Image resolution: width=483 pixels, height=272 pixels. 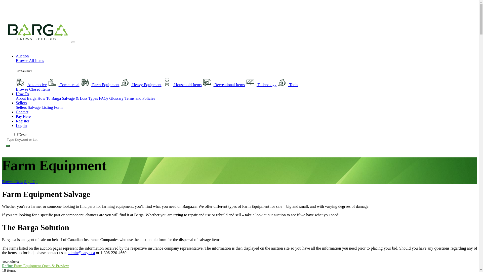 What do you see at coordinates (16, 84) in the screenshot?
I see `'Automotive'` at bounding box center [16, 84].